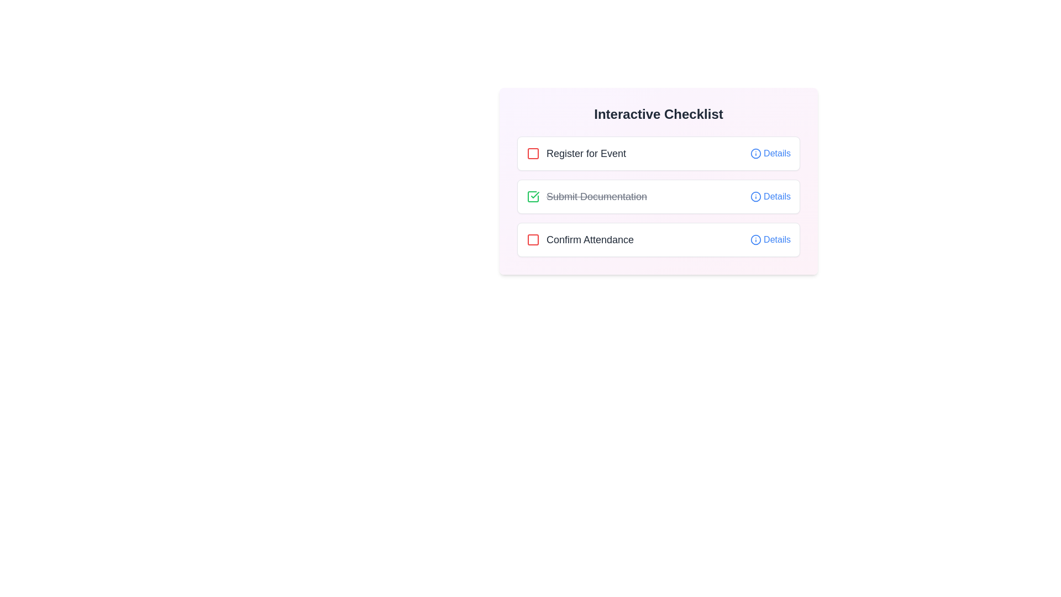 Image resolution: width=1061 pixels, height=597 pixels. Describe the element at coordinates (658, 239) in the screenshot. I see `the checkbox in the third item of the 'Interactive Checklist' to mark attendance` at that location.